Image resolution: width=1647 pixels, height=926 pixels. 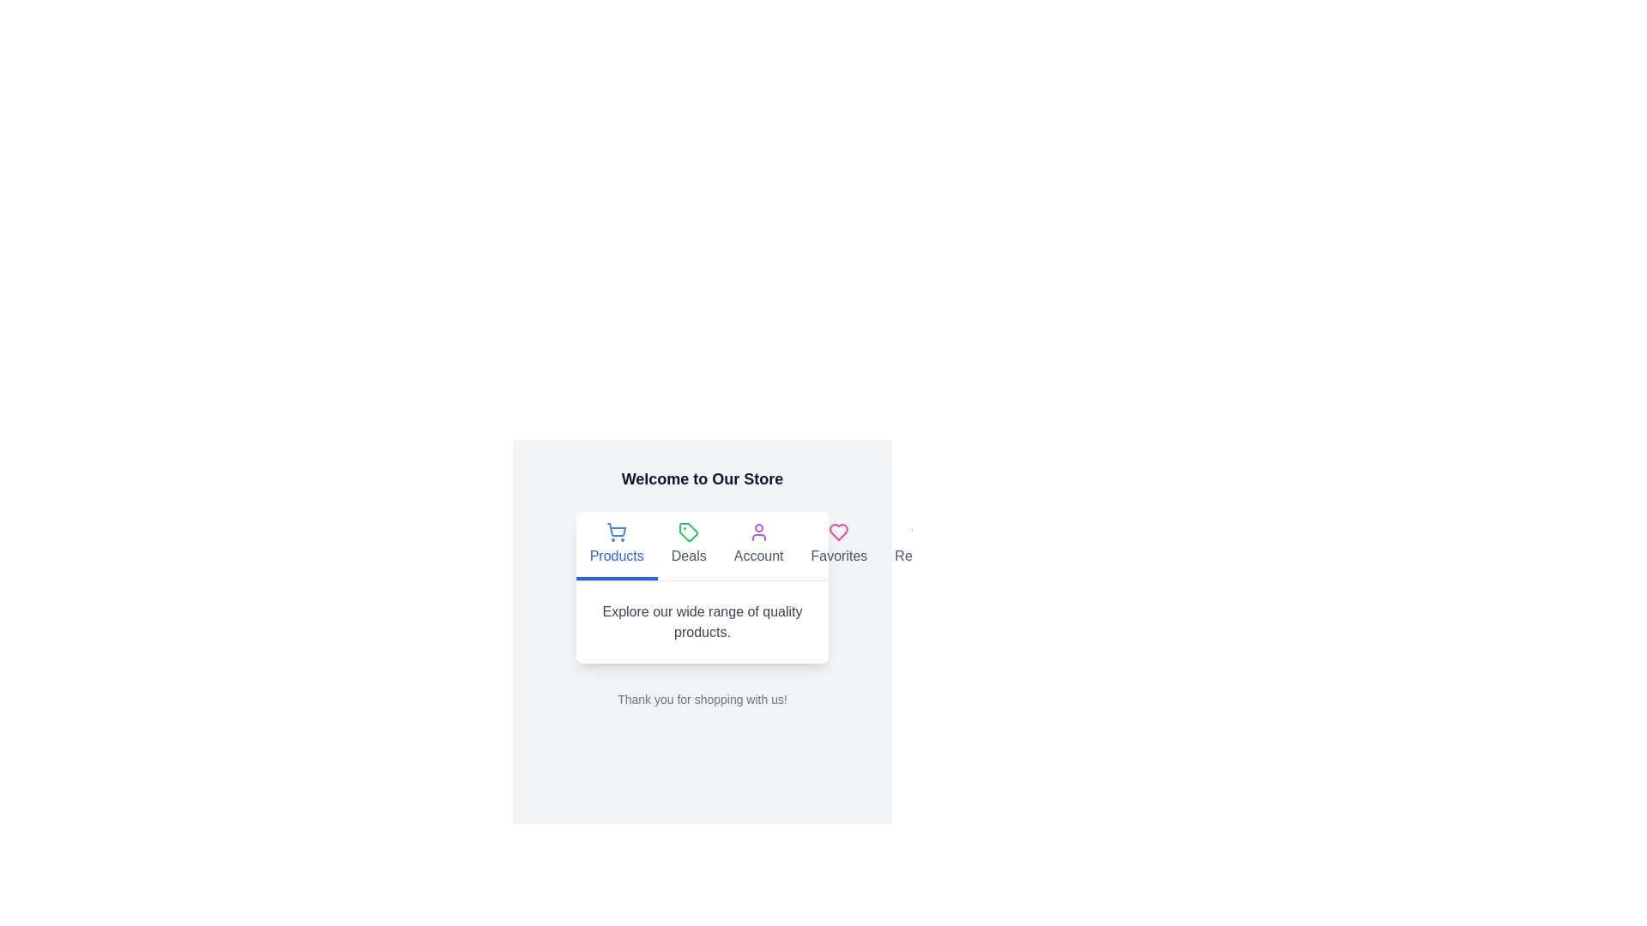 I want to click on the 'Products' text and shopping cart icon in the top-left of the white content card section, which is the first item in the navigation menu, so click(x=617, y=544).